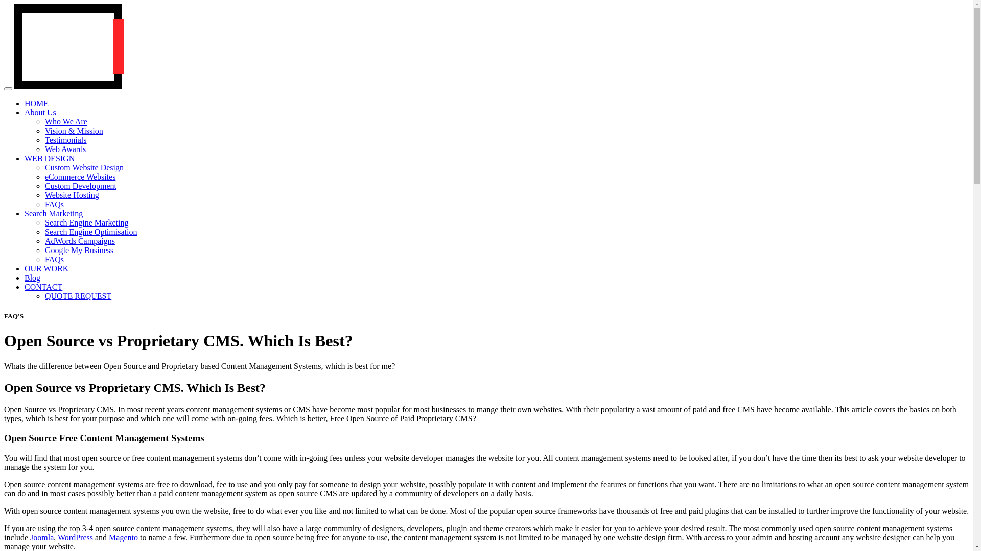 The image size is (981, 551). Describe the element at coordinates (71, 195) in the screenshot. I see `'Website Hosting'` at that location.